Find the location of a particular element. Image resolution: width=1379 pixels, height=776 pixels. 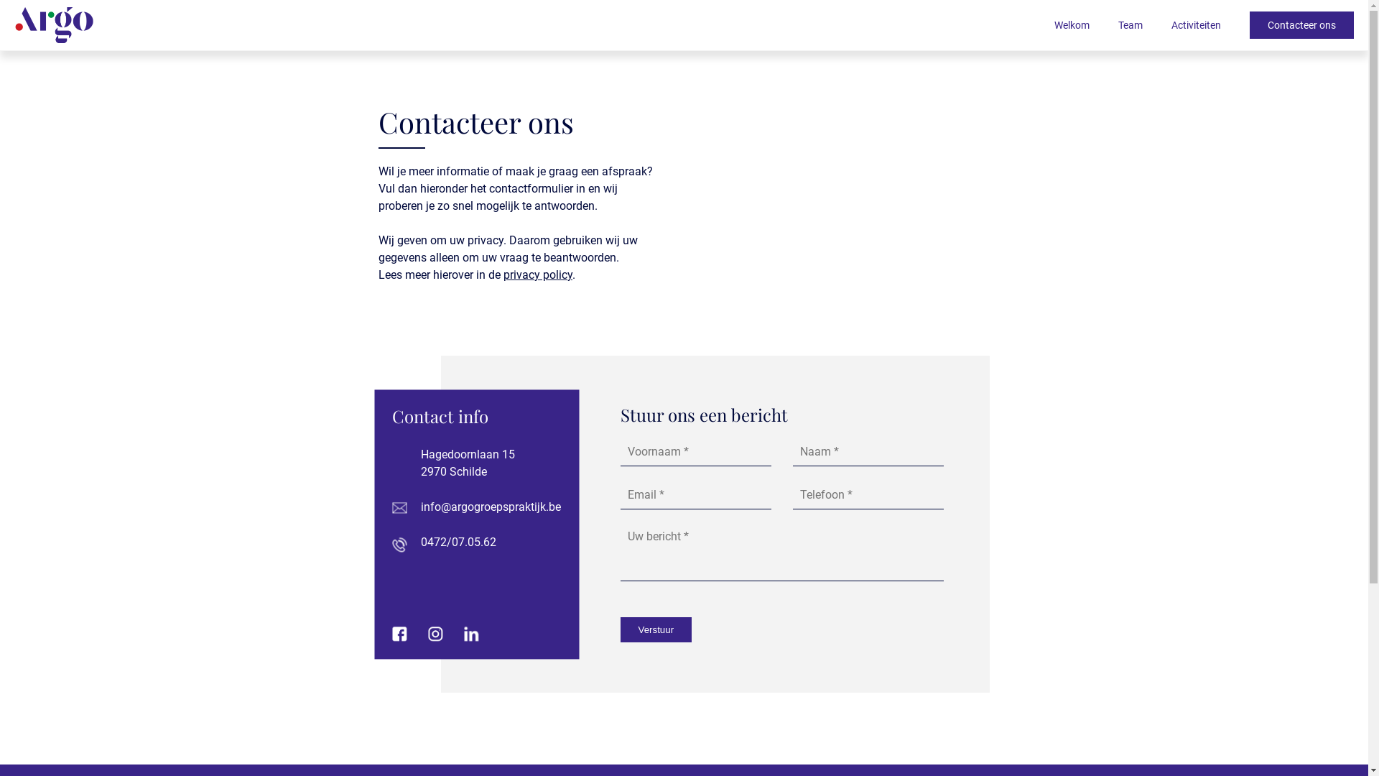

'Contacteer ons' is located at coordinates (1301, 24).